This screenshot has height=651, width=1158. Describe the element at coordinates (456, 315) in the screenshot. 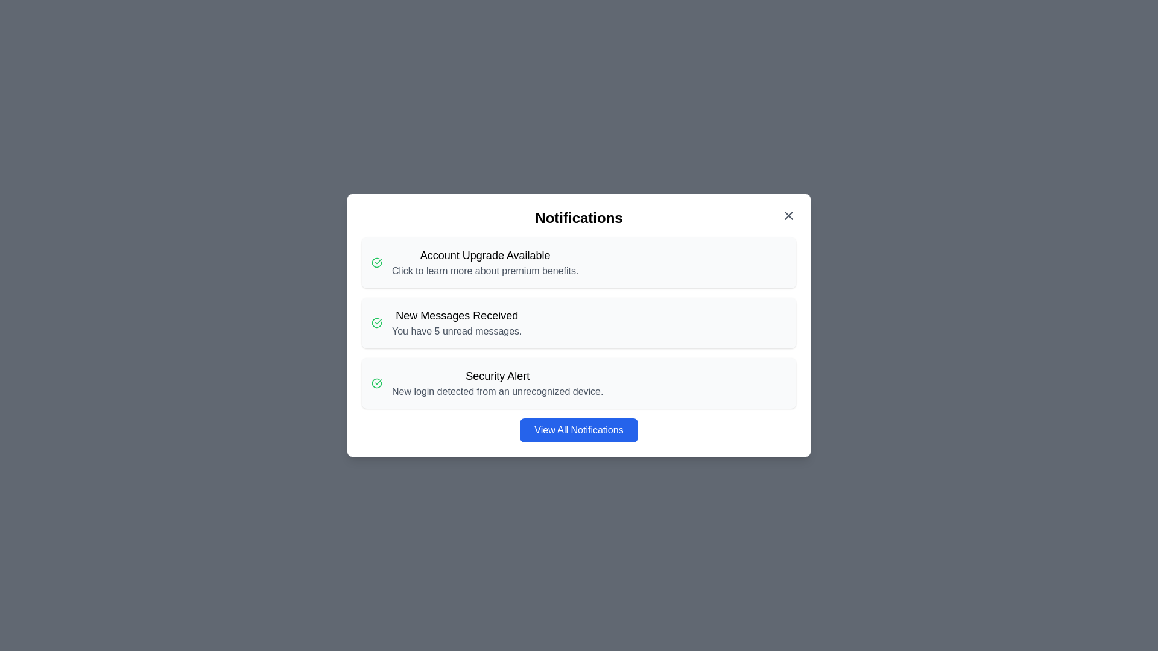

I see `the text label displaying 'New Messages Received', which is centrally aligned and bold, located above the text 'You have 5 unread messages'` at that location.